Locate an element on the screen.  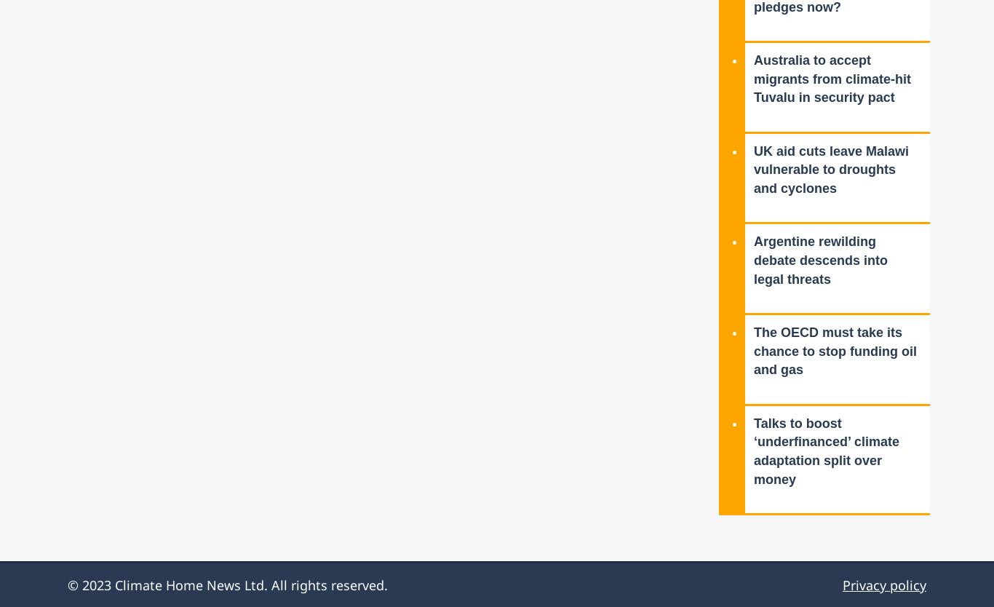
'UK aid cuts leave Malawi vulnerable to droughts and cyclones' is located at coordinates (831, 169).